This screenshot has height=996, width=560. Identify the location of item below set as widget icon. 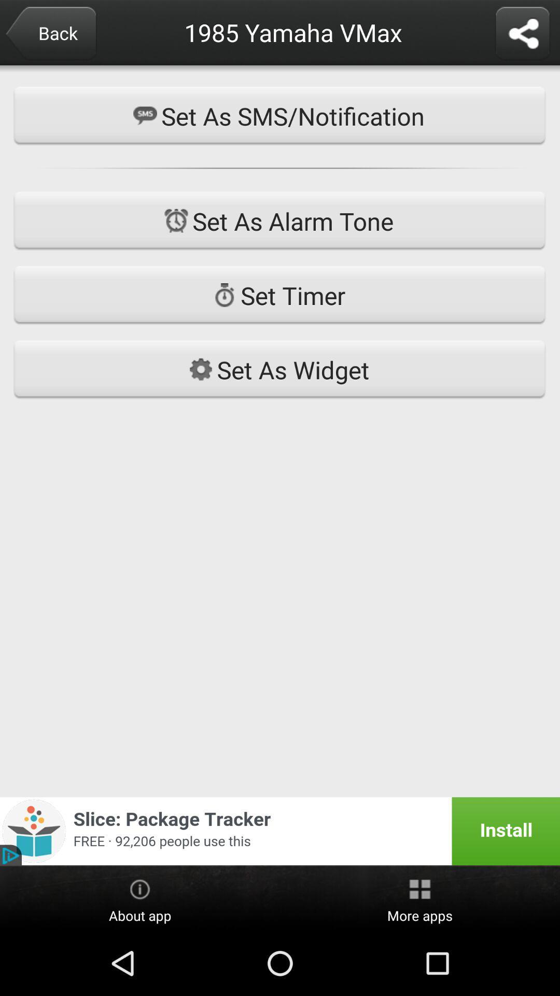
(280, 831).